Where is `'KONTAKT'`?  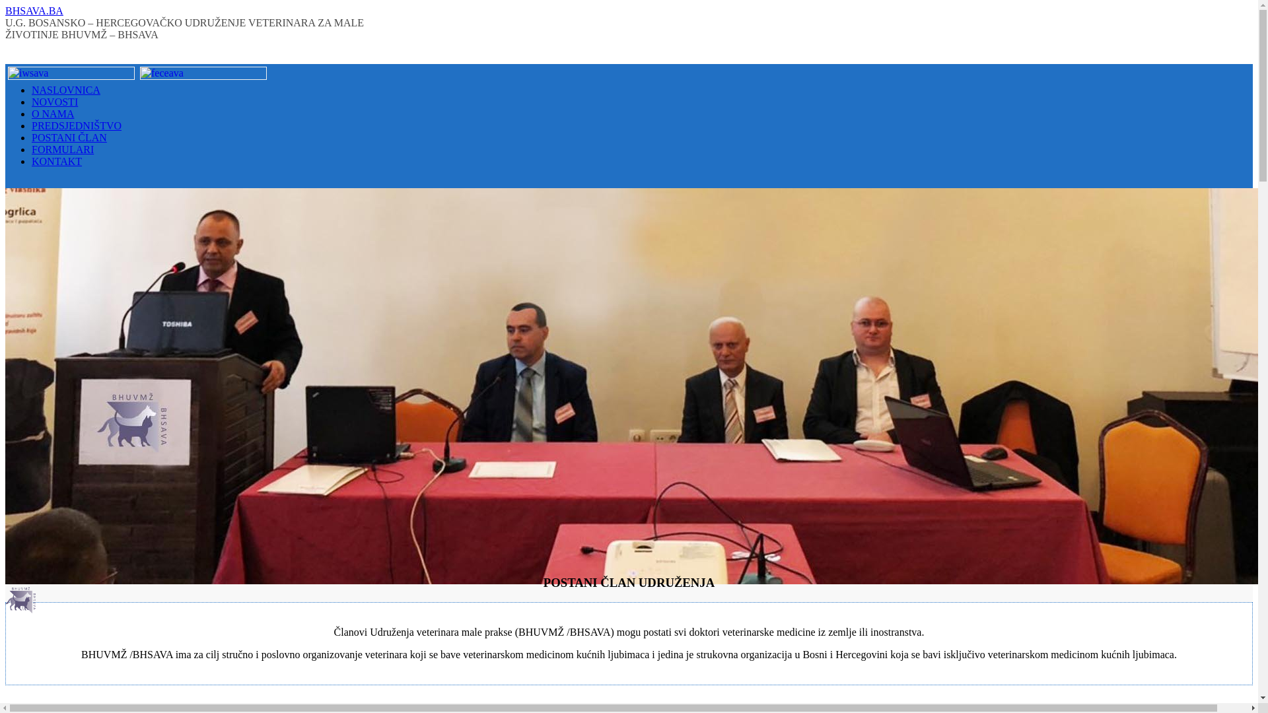
'KONTAKT' is located at coordinates (56, 160).